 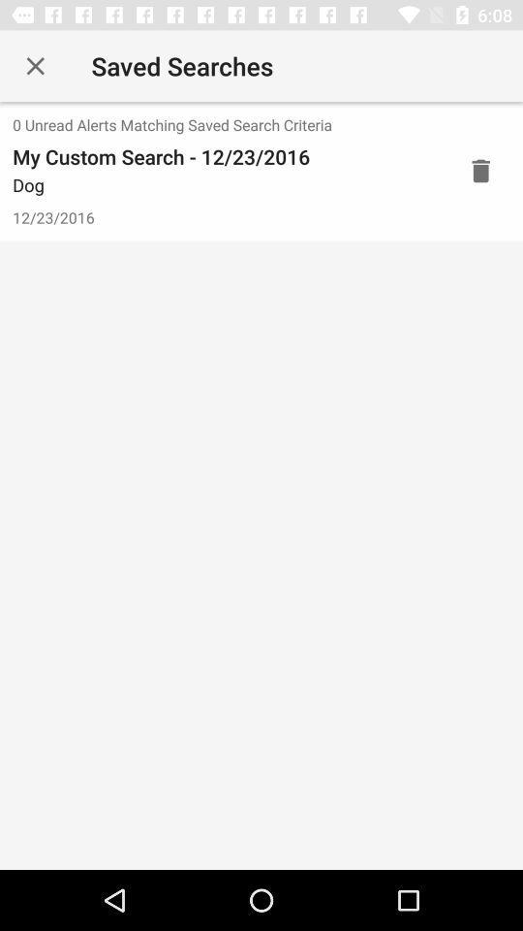 What do you see at coordinates (35, 66) in the screenshot?
I see `tab` at bounding box center [35, 66].